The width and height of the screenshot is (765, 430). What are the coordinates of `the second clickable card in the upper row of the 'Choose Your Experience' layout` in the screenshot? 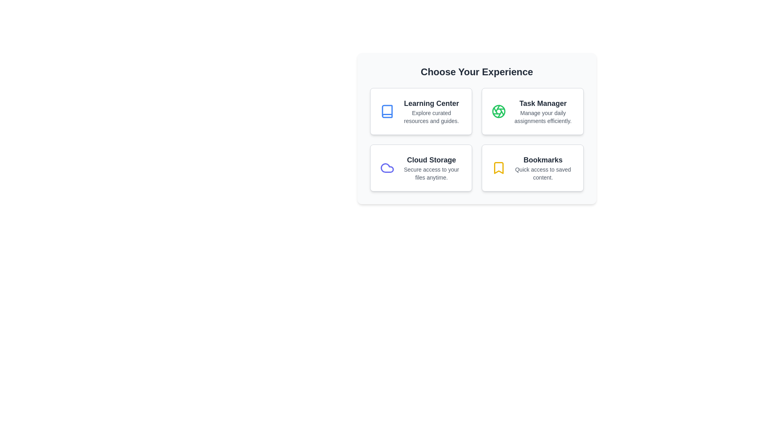 It's located at (533, 111).